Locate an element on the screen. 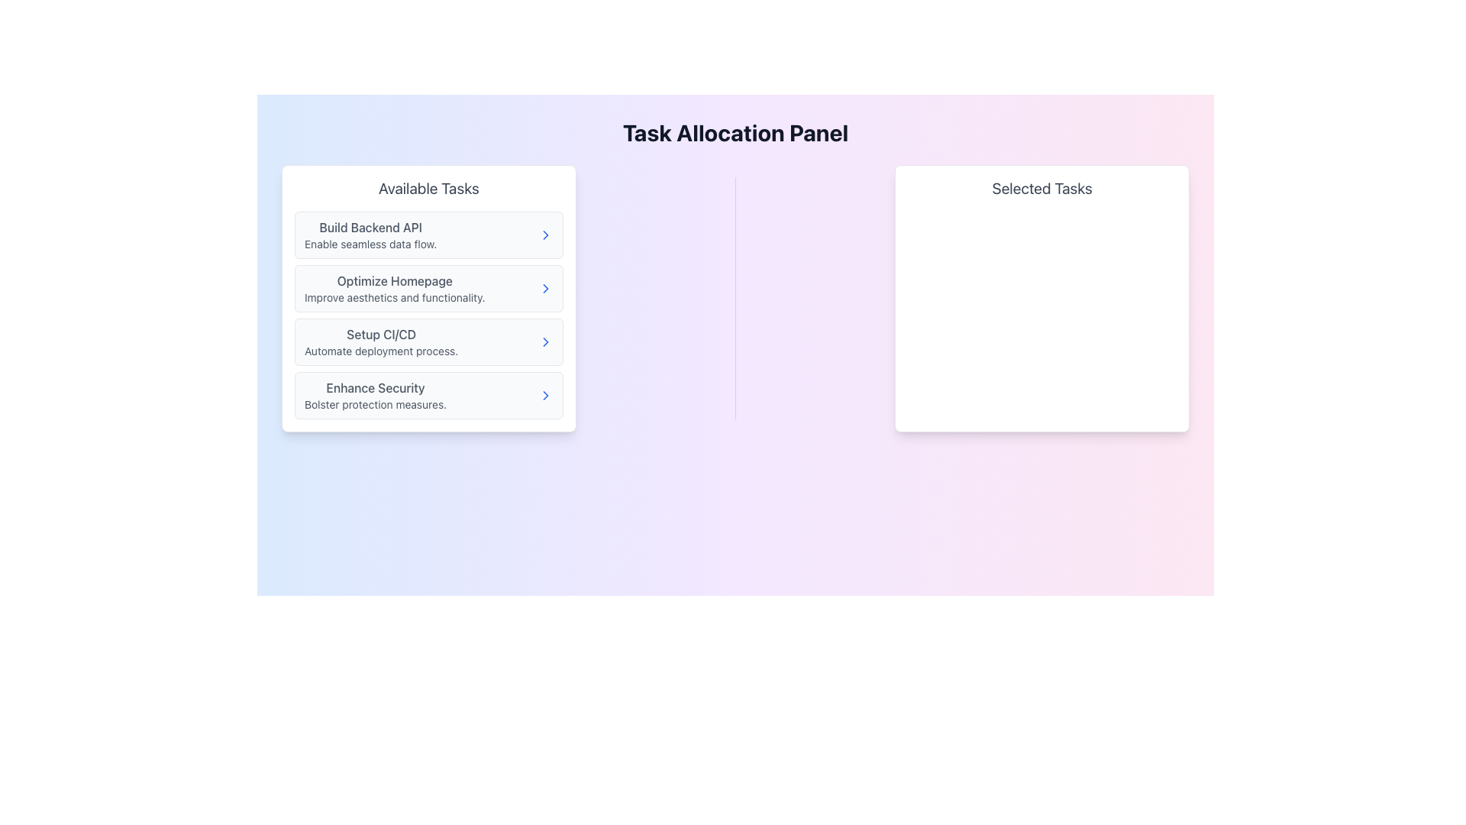 This screenshot has height=825, width=1466. the rightward chevron icon located within the second list item of the 'Available Tasks' section, which is labeled 'Optimize Homepage.' is located at coordinates (545, 289).